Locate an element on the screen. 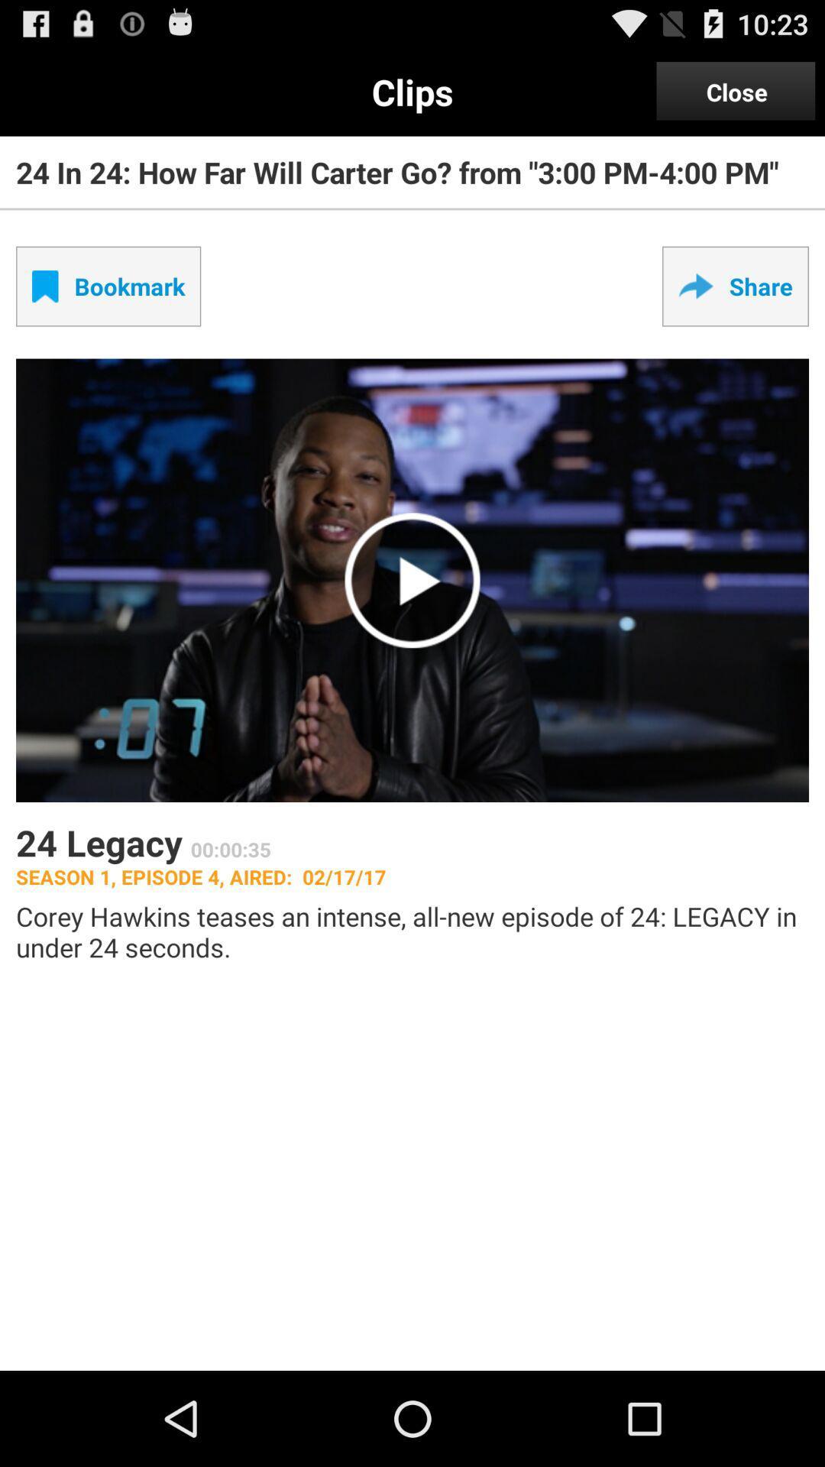 The height and width of the screenshot is (1467, 825). share is located at coordinates (735, 286).